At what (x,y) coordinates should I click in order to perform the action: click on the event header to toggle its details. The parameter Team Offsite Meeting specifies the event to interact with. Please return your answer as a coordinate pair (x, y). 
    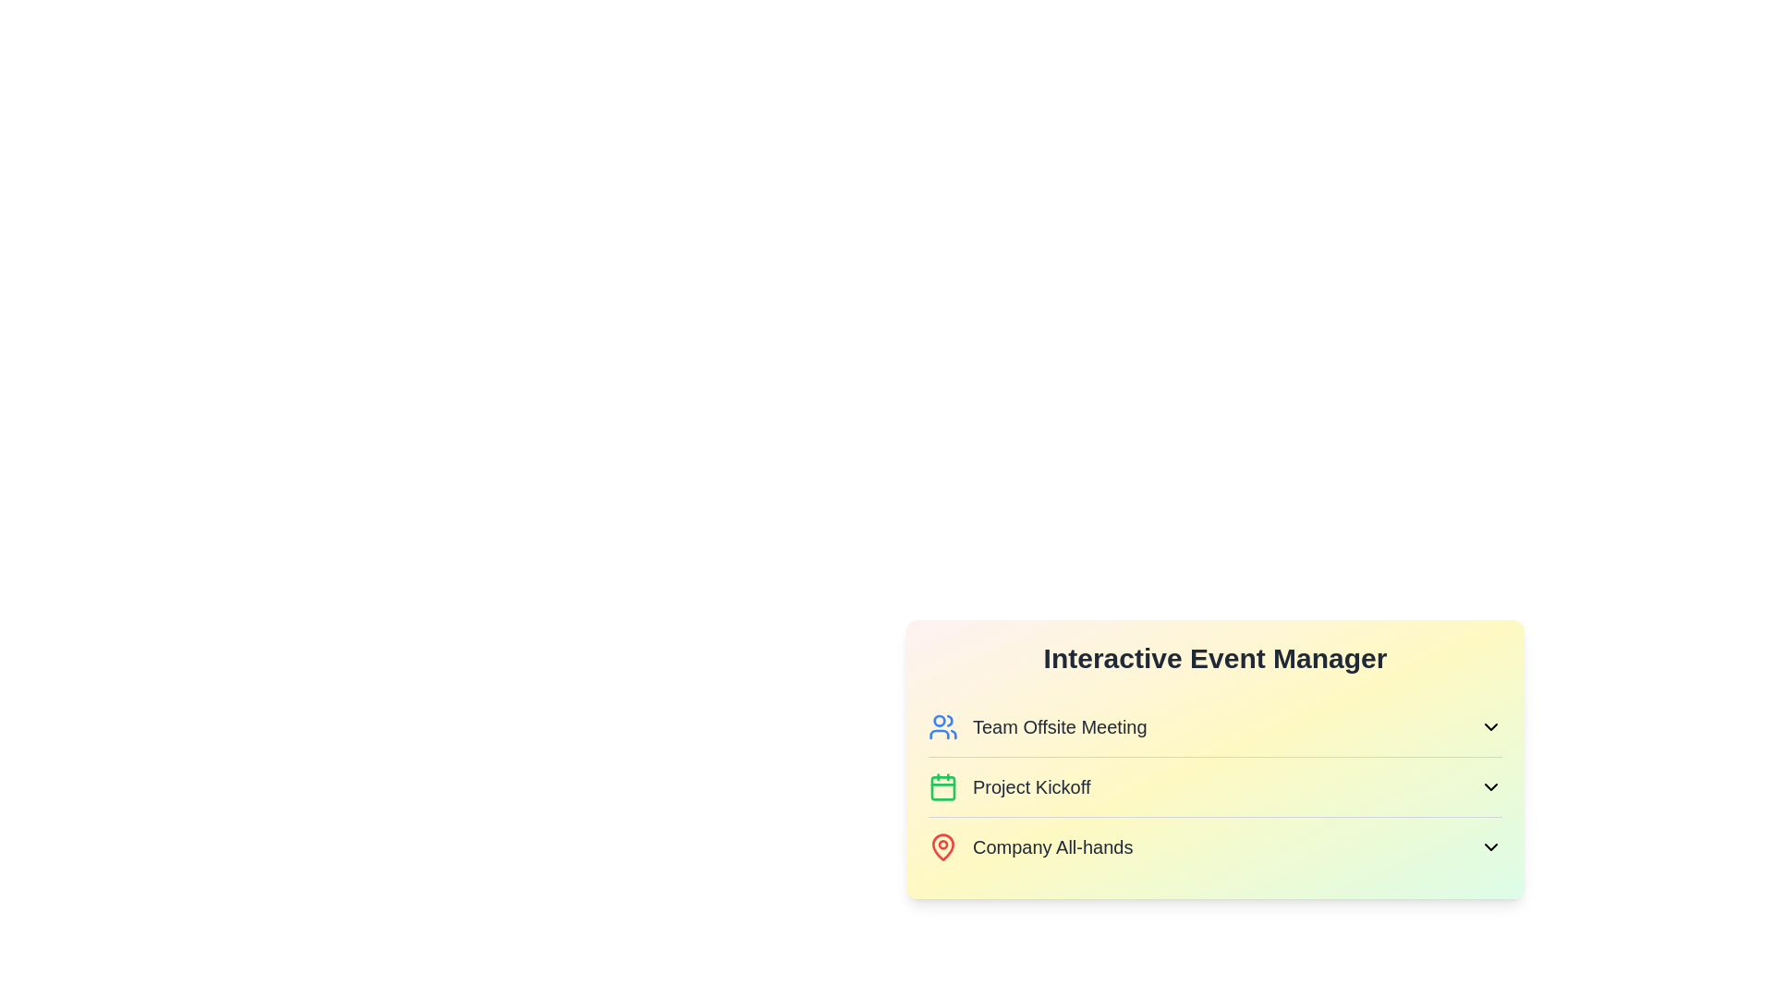
    Looking at the image, I should click on (1215, 725).